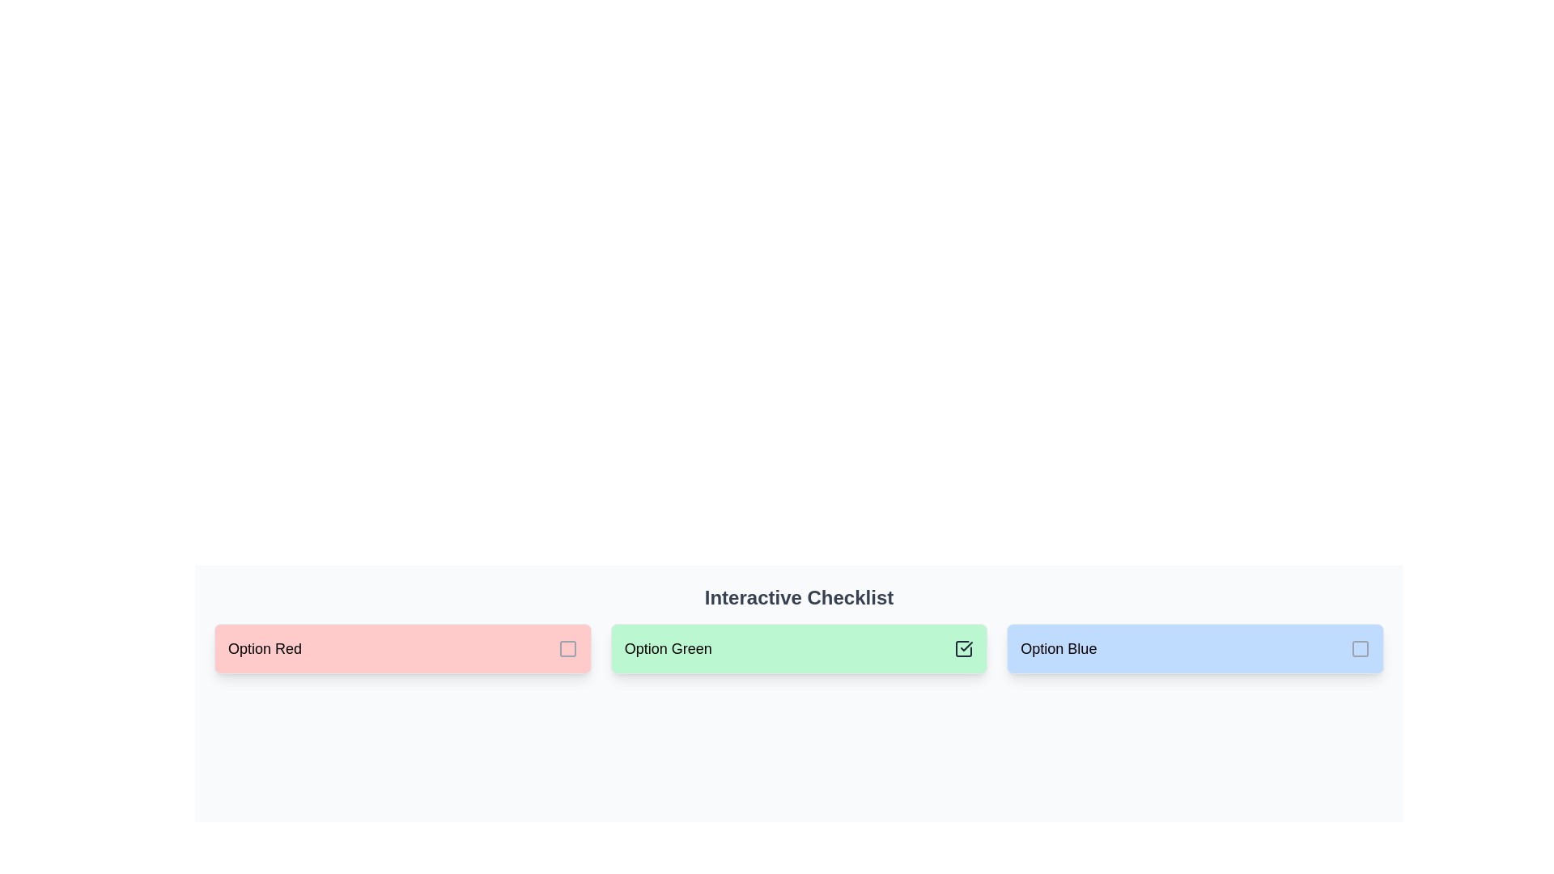 This screenshot has width=1554, height=874. I want to click on the interactive option labeled 'Option Green' in the selectable checklist interface, so click(799, 648).